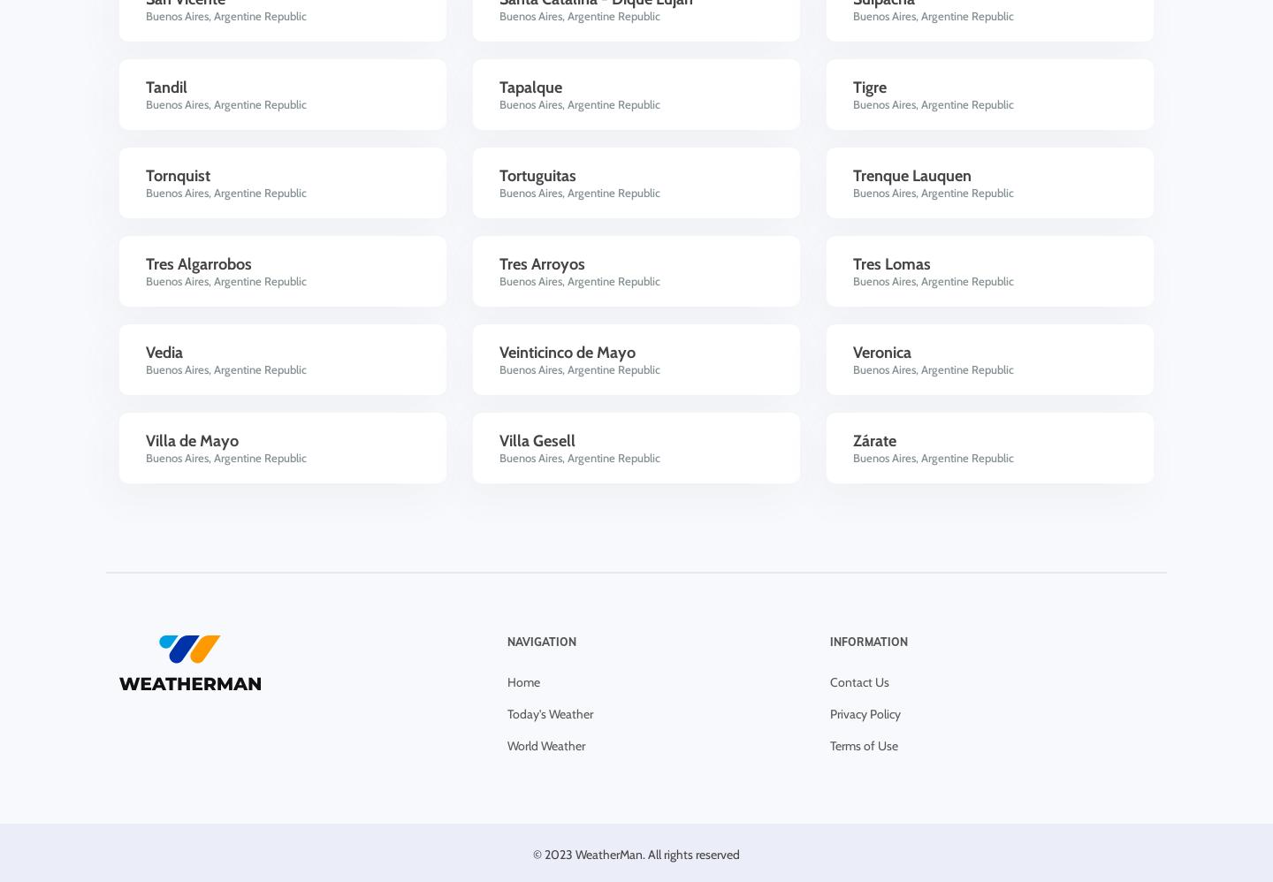 This screenshot has width=1273, height=882. I want to click on '© 2023 WeatherMan. All rights reserved', so click(532, 853).